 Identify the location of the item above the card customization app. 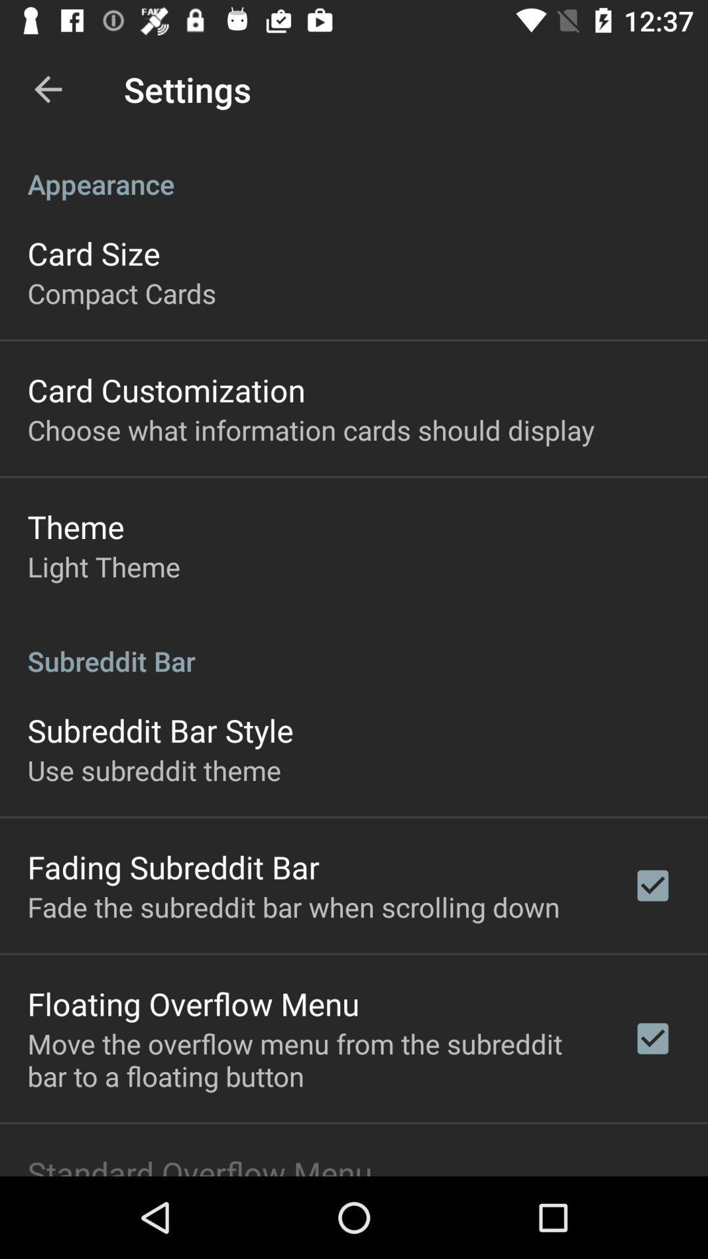
(121, 292).